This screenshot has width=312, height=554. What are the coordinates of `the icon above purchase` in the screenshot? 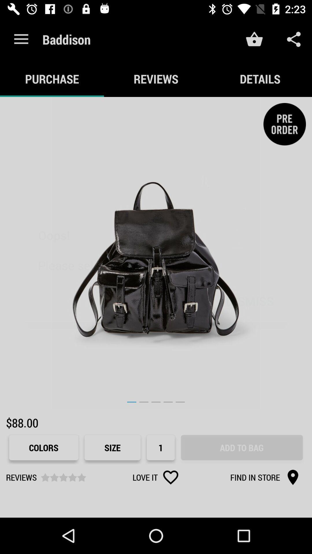 It's located at (21, 39).